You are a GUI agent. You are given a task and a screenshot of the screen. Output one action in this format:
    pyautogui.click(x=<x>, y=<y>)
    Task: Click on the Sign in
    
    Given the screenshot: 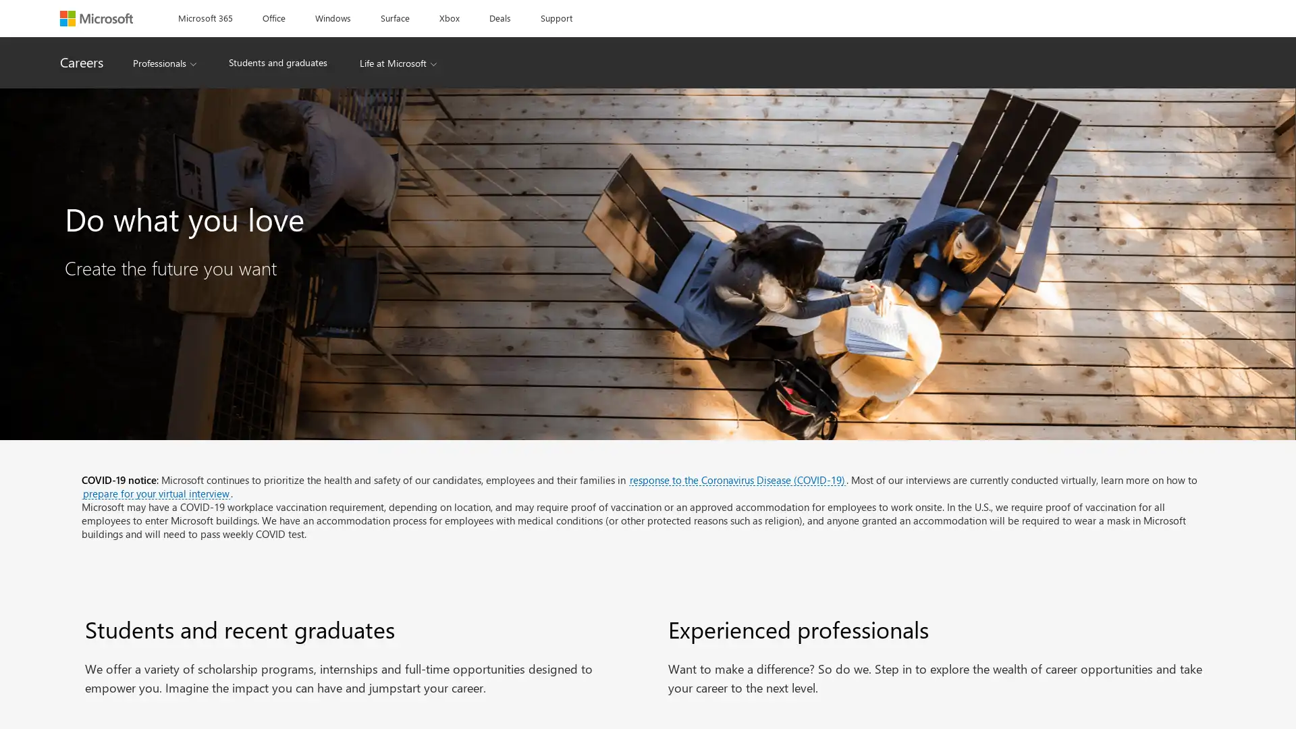 What is the action you would take?
    pyautogui.click(x=1137, y=124)
    